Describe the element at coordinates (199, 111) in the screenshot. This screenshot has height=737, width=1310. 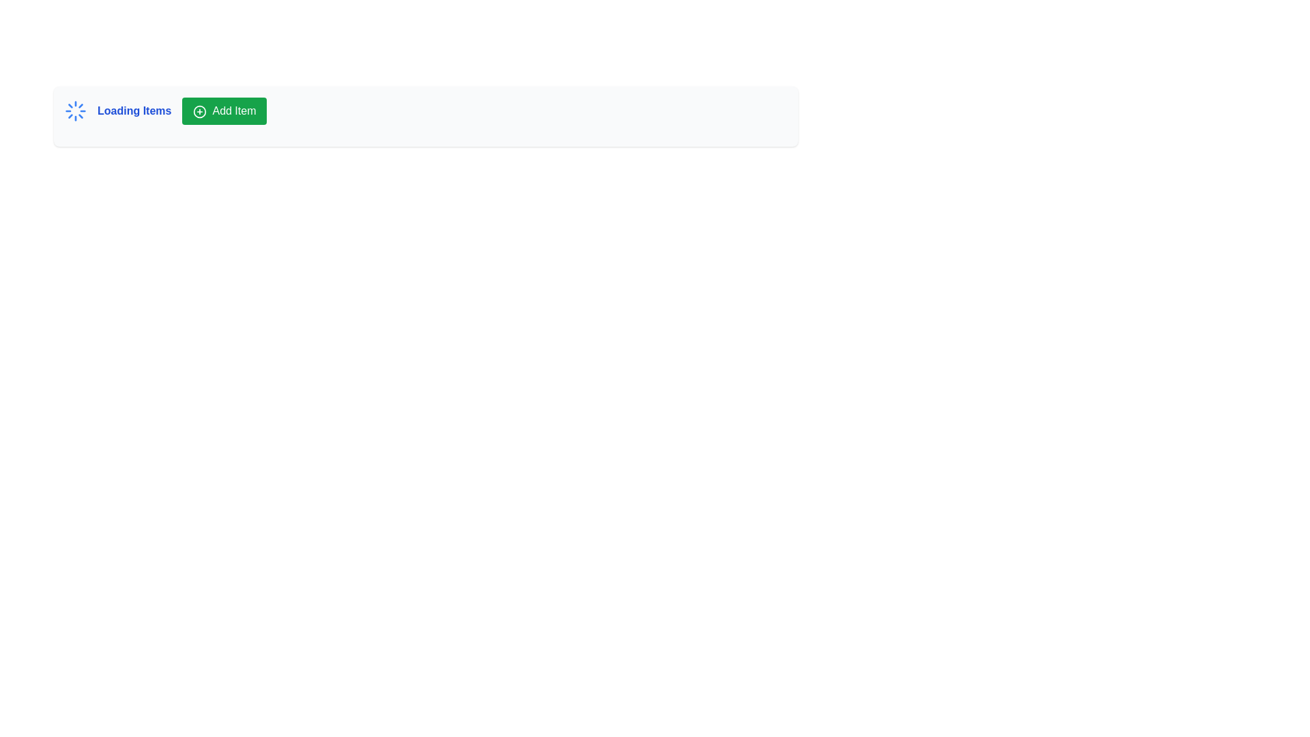
I see `the circular outline of the plus icon located on the green 'Add Item' button` at that location.